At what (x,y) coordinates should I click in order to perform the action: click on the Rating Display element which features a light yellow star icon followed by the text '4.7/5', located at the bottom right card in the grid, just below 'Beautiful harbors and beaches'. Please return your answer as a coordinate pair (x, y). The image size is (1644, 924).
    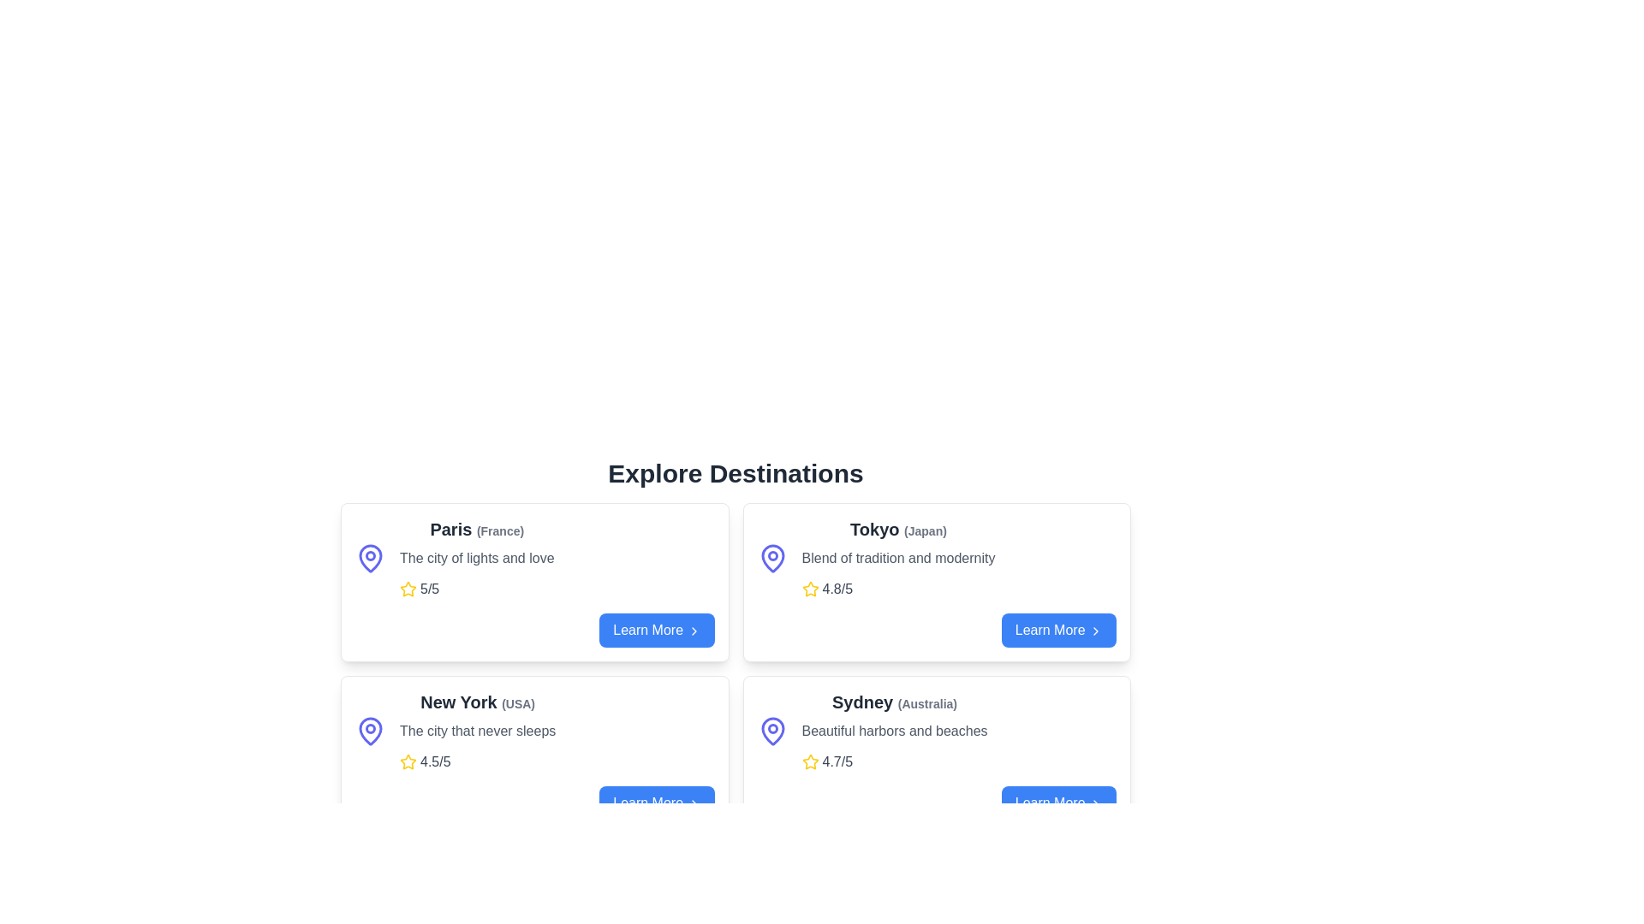
    Looking at the image, I should click on (894, 761).